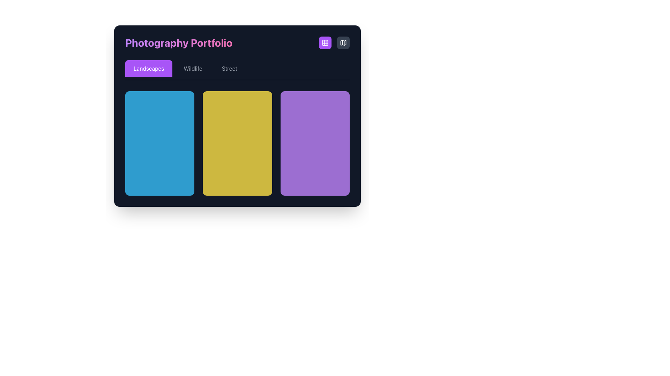 Image resolution: width=670 pixels, height=376 pixels. I want to click on the prominent purple button reading 'Landscapes', so click(148, 68).